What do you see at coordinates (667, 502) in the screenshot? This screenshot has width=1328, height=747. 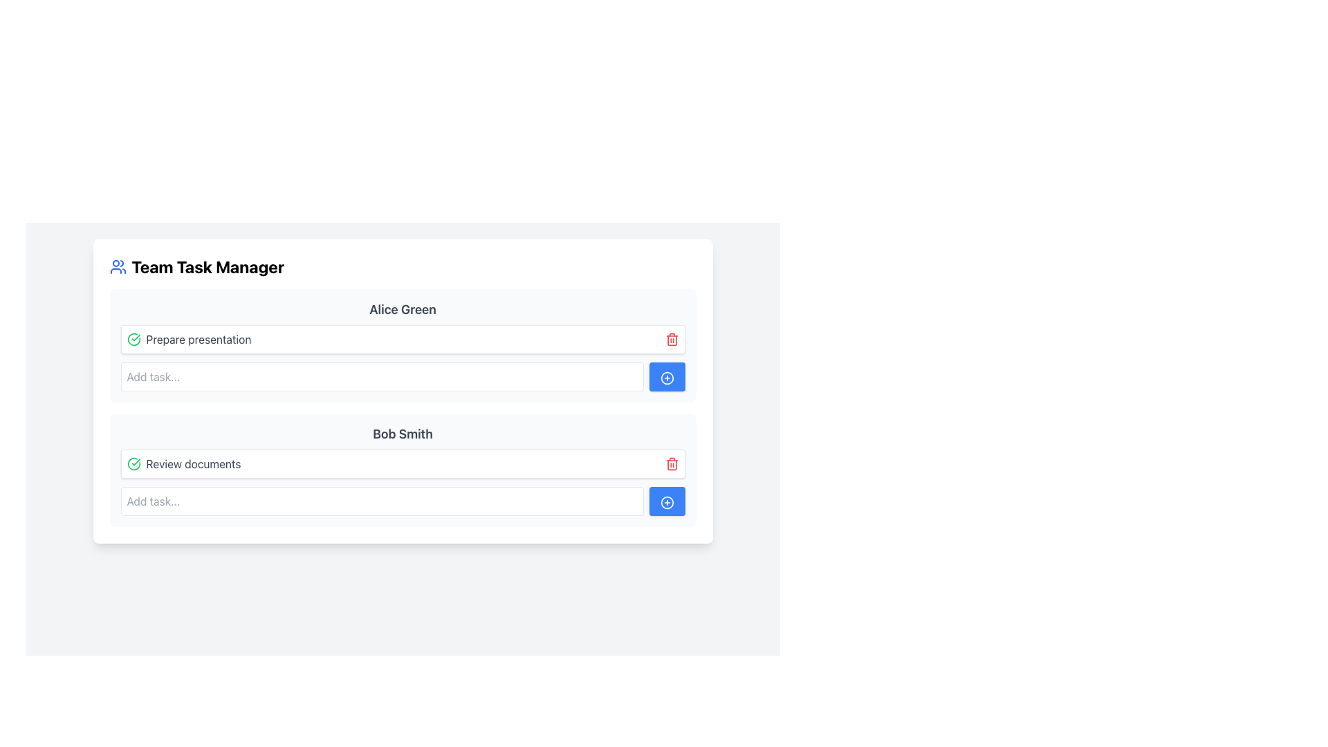 I see `the circular icon button with a plus sign at the center, located in the 'Add task...' section for 'Bob Smith'` at bounding box center [667, 502].